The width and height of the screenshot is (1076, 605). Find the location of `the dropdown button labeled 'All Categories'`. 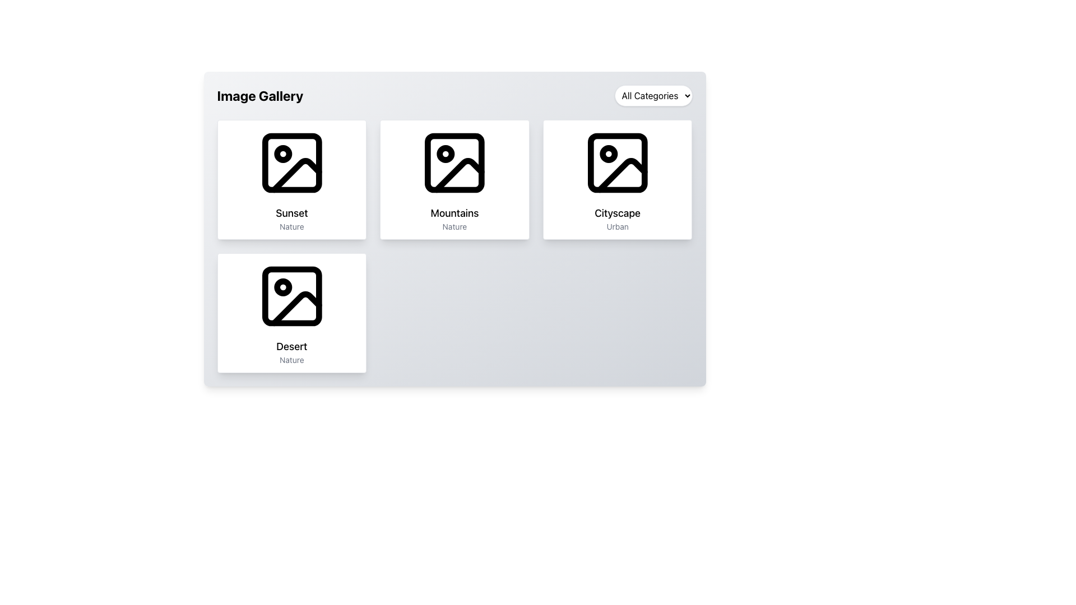

the dropdown button labeled 'All Categories' is located at coordinates (653, 95).